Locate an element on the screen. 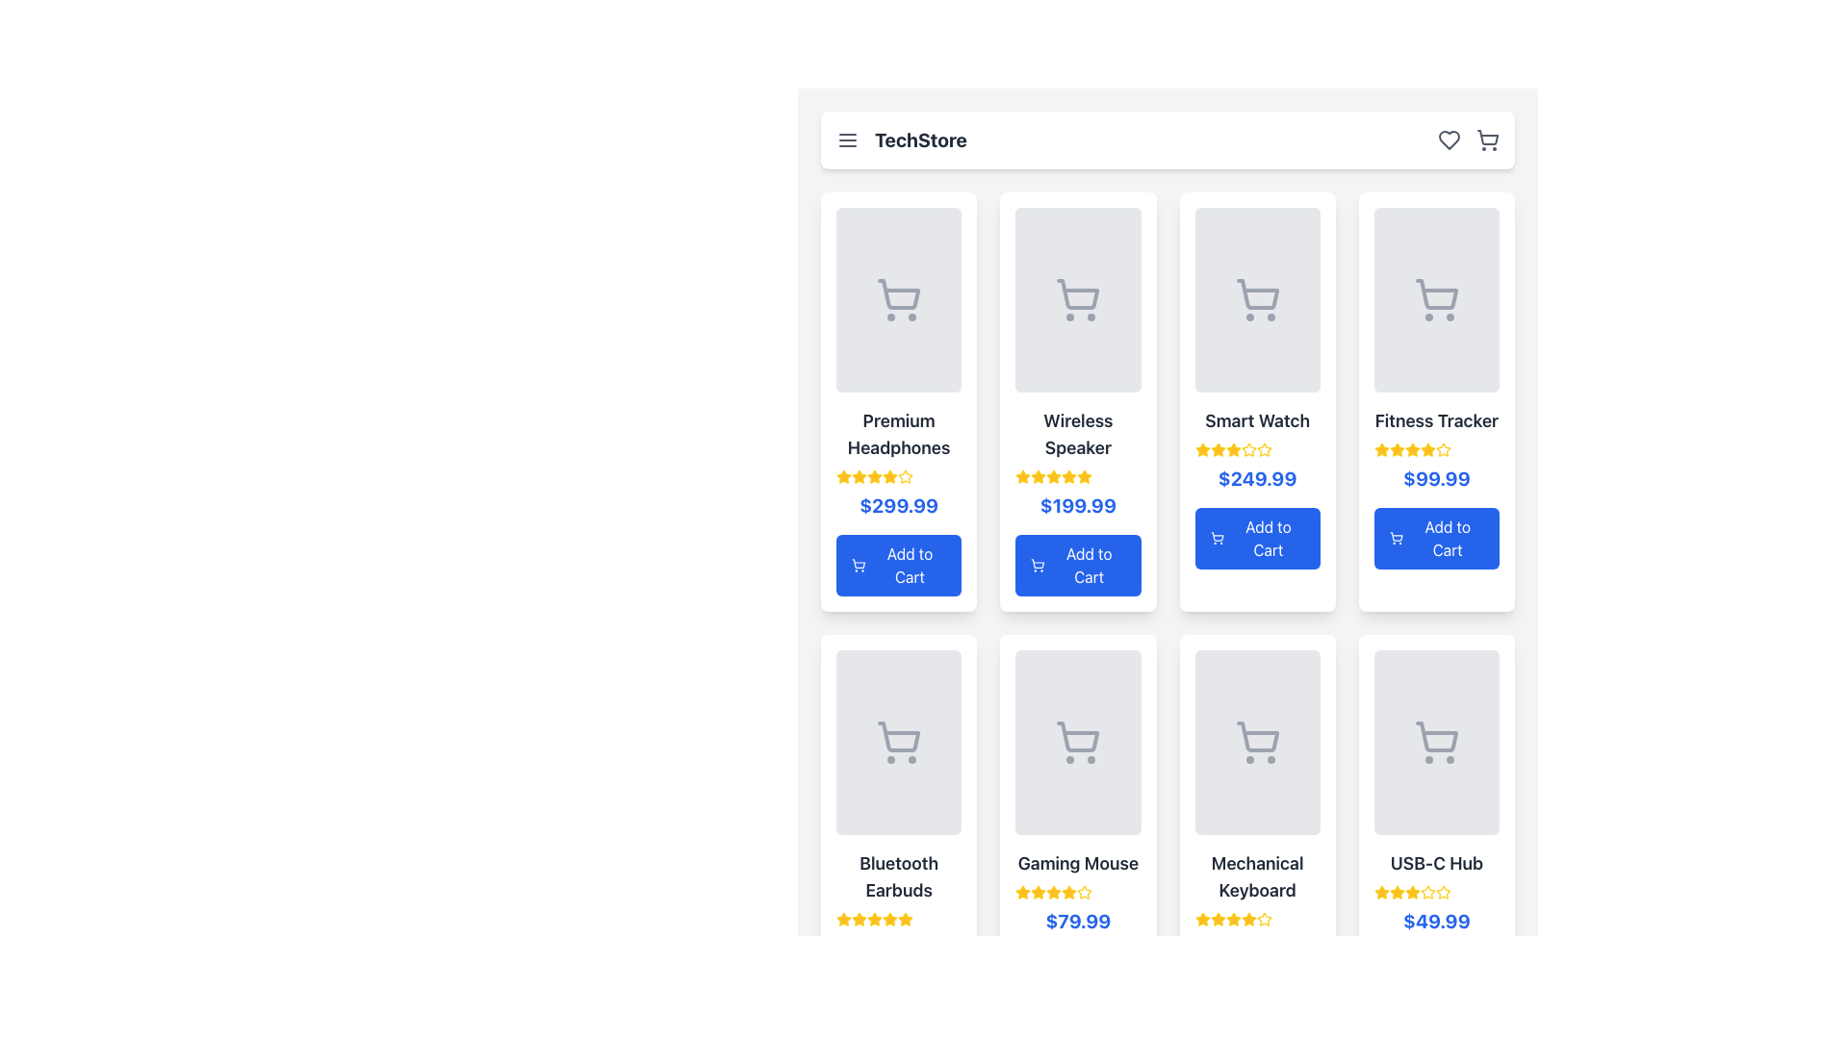 This screenshot has width=1848, height=1039. the text element 'TechStore', which is located in the top-left corner of the header bar, to the right of the hamburger icon is located at coordinates (900, 139).